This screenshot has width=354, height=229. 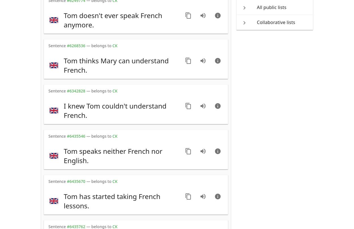 What do you see at coordinates (116, 65) in the screenshot?
I see `'Tom thinks Mary can understand French.'` at bounding box center [116, 65].